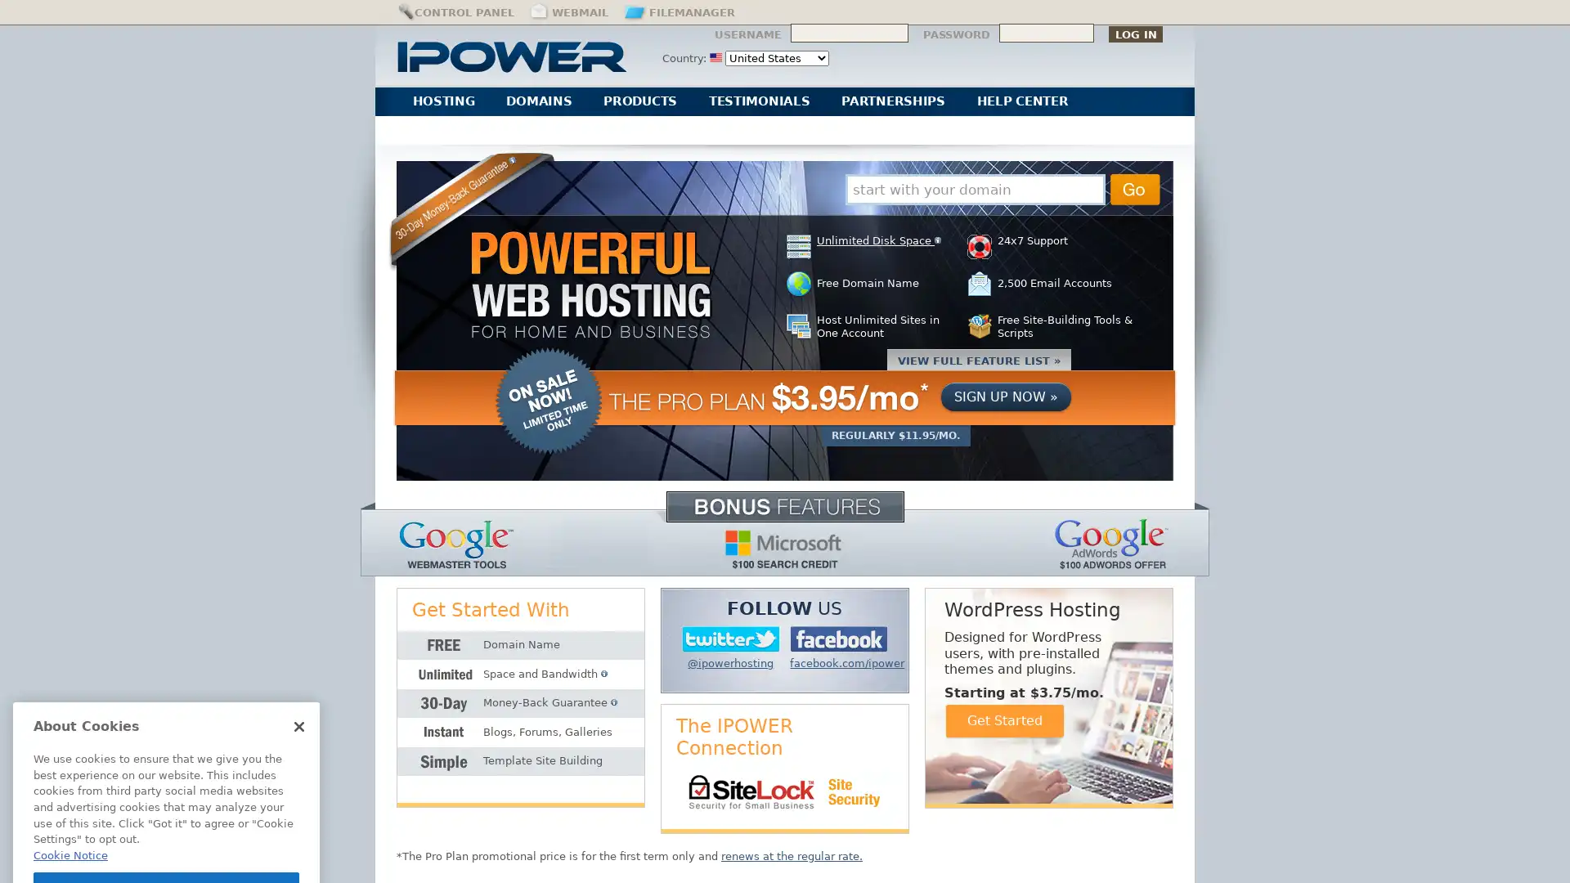 The image size is (1570, 883). Describe the element at coordinates (166, 775) in the screenshot. I see `Got It` at that location.